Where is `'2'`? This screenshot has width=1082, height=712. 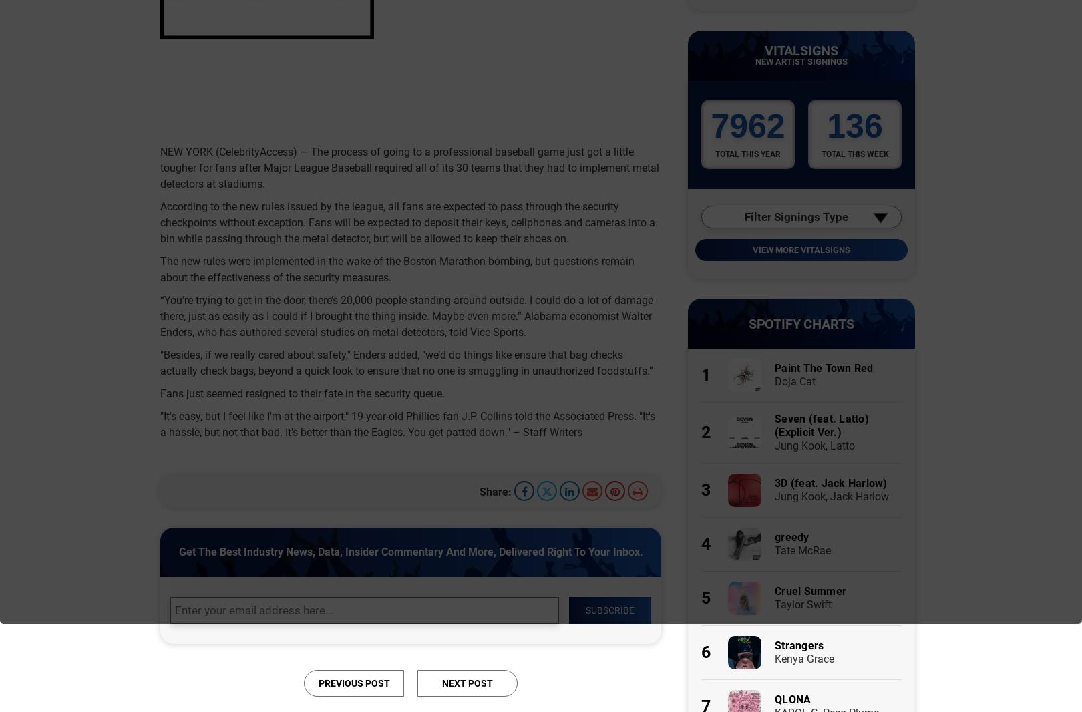 '2' is located at coordinates (705, 431).